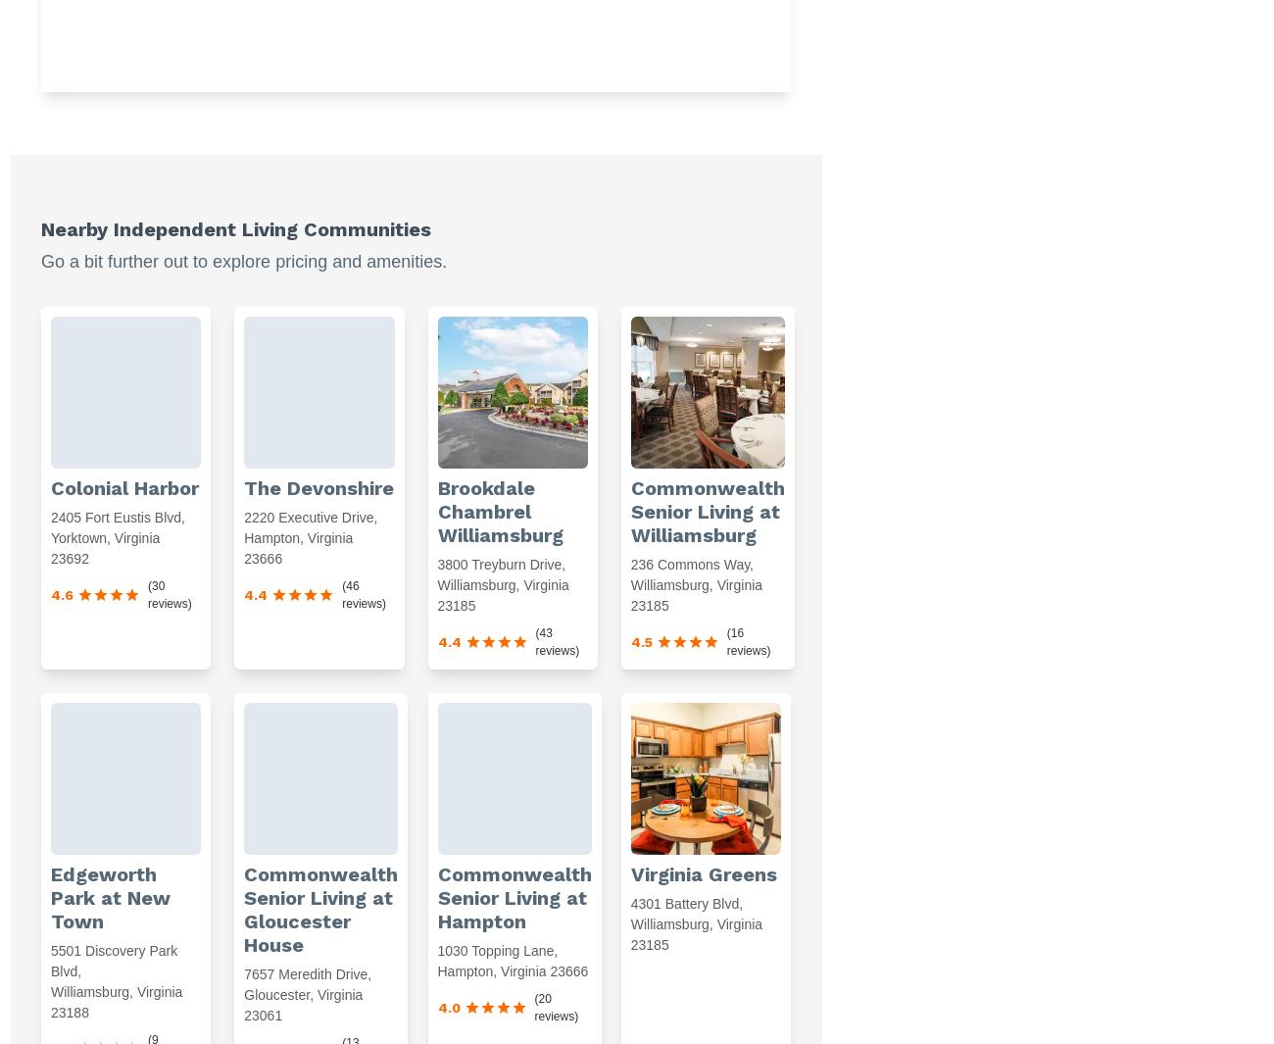 The width and height of the screenshot is (1274, 1044). What do you see at coordinates (640, 641) in the screenshot?
I see `'4.5'` at bounding box center [640, 641].